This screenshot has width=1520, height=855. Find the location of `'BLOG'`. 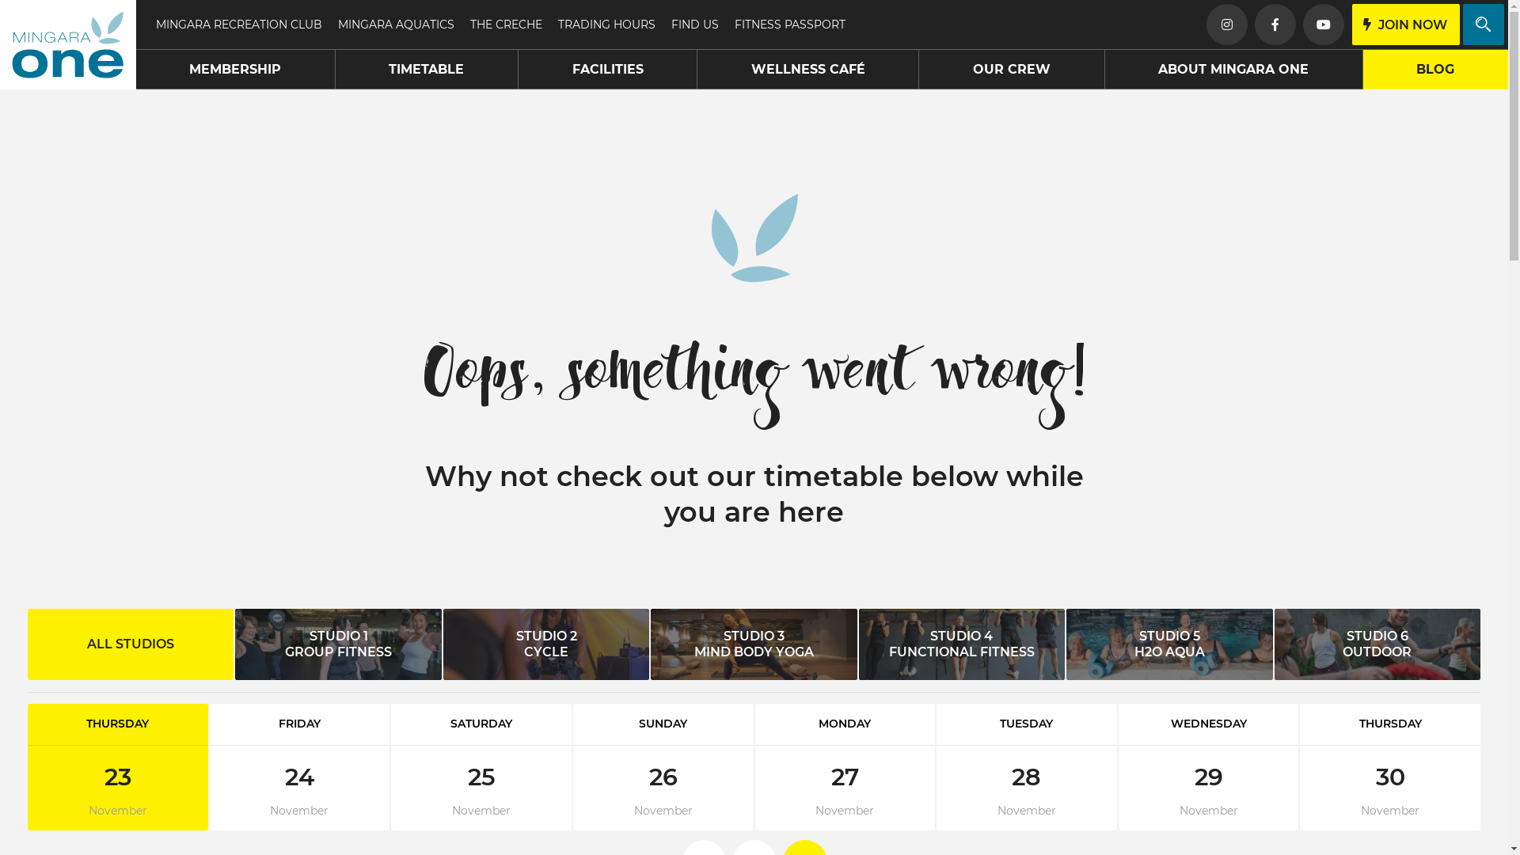

'BLOG' is located at coordinates (1435, 69).